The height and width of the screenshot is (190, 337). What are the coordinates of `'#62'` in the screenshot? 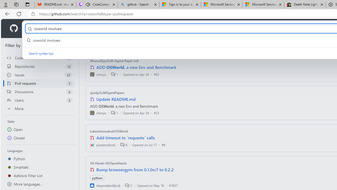 It's located at (156, 74).